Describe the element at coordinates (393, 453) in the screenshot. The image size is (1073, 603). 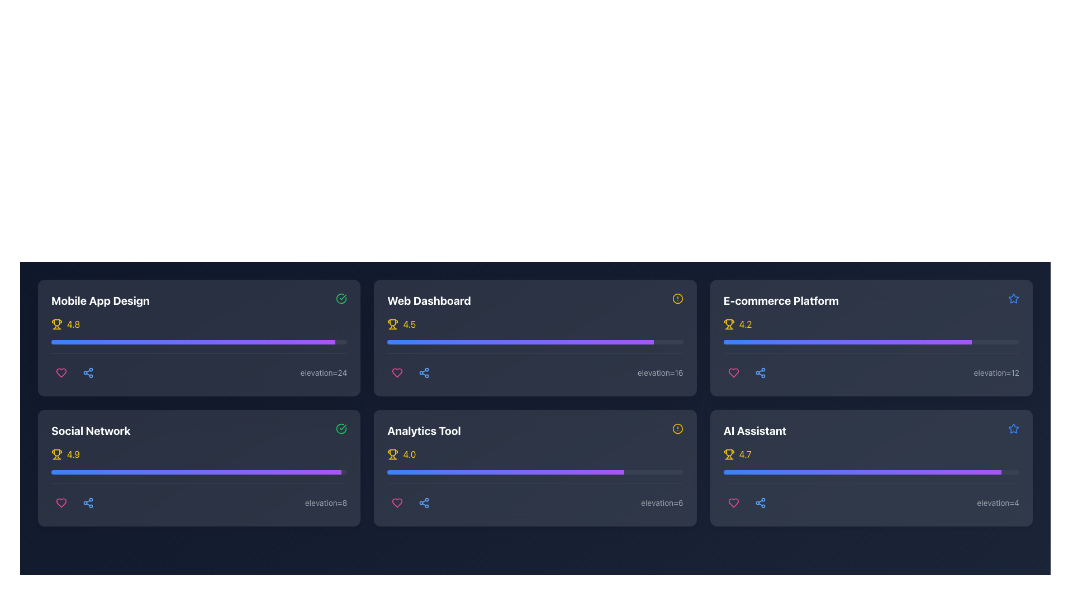
I see `the yellow trophy icon representing an award within the Analytics Tool card, located in the bottom row, second column of the grid` at that location.